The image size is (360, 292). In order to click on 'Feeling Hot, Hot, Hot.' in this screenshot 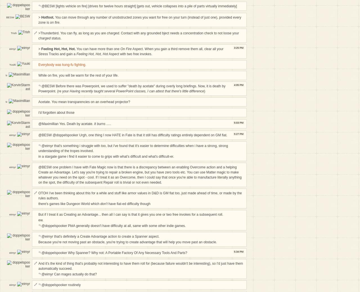, I will do `click(58, 49)`.